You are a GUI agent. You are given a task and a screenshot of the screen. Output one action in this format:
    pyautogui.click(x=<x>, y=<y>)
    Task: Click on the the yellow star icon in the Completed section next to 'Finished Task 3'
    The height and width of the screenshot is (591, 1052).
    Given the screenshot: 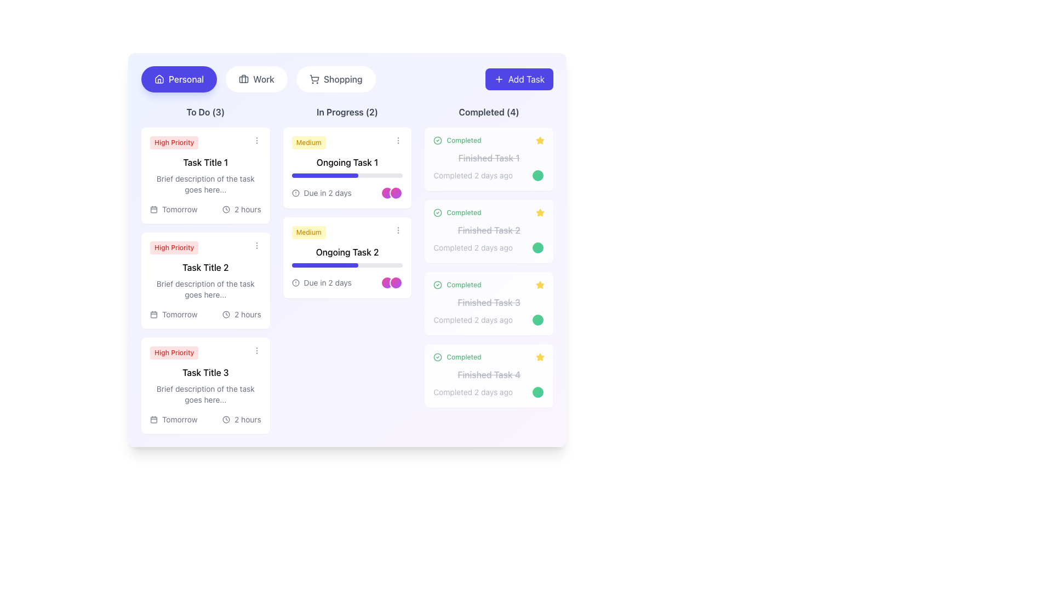 What is the action you would take?
    pyautogui.click(x=540, y=284)
    